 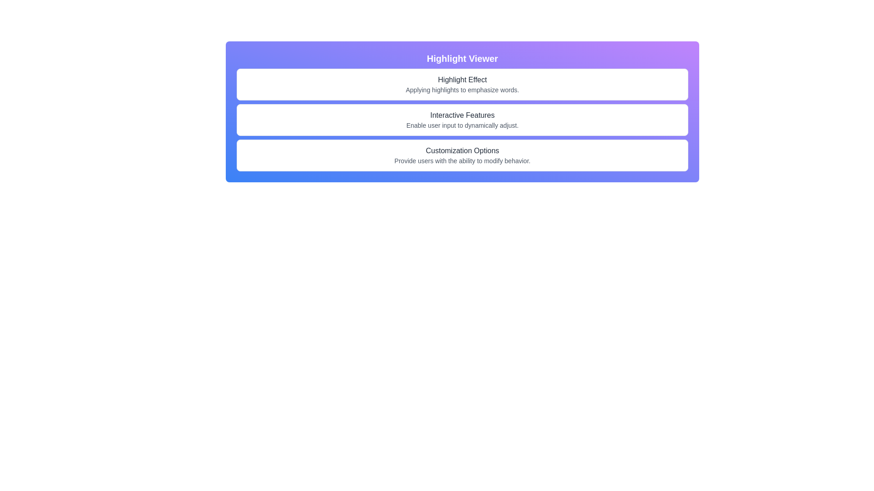 I want to click on the underlined character 'r' in the word 'Interactive' within the text 'Interactive Features', so click(x=443, y=115).